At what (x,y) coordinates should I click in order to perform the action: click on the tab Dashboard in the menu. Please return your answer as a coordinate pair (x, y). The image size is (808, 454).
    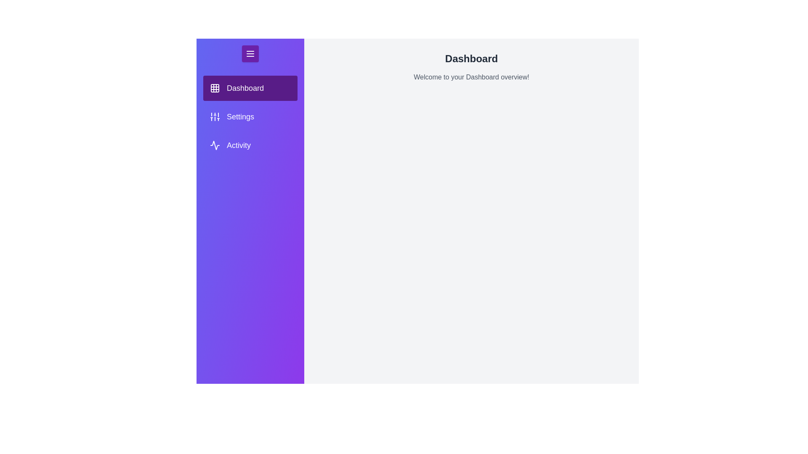
    Looking at the image, I should click on (250, 88).